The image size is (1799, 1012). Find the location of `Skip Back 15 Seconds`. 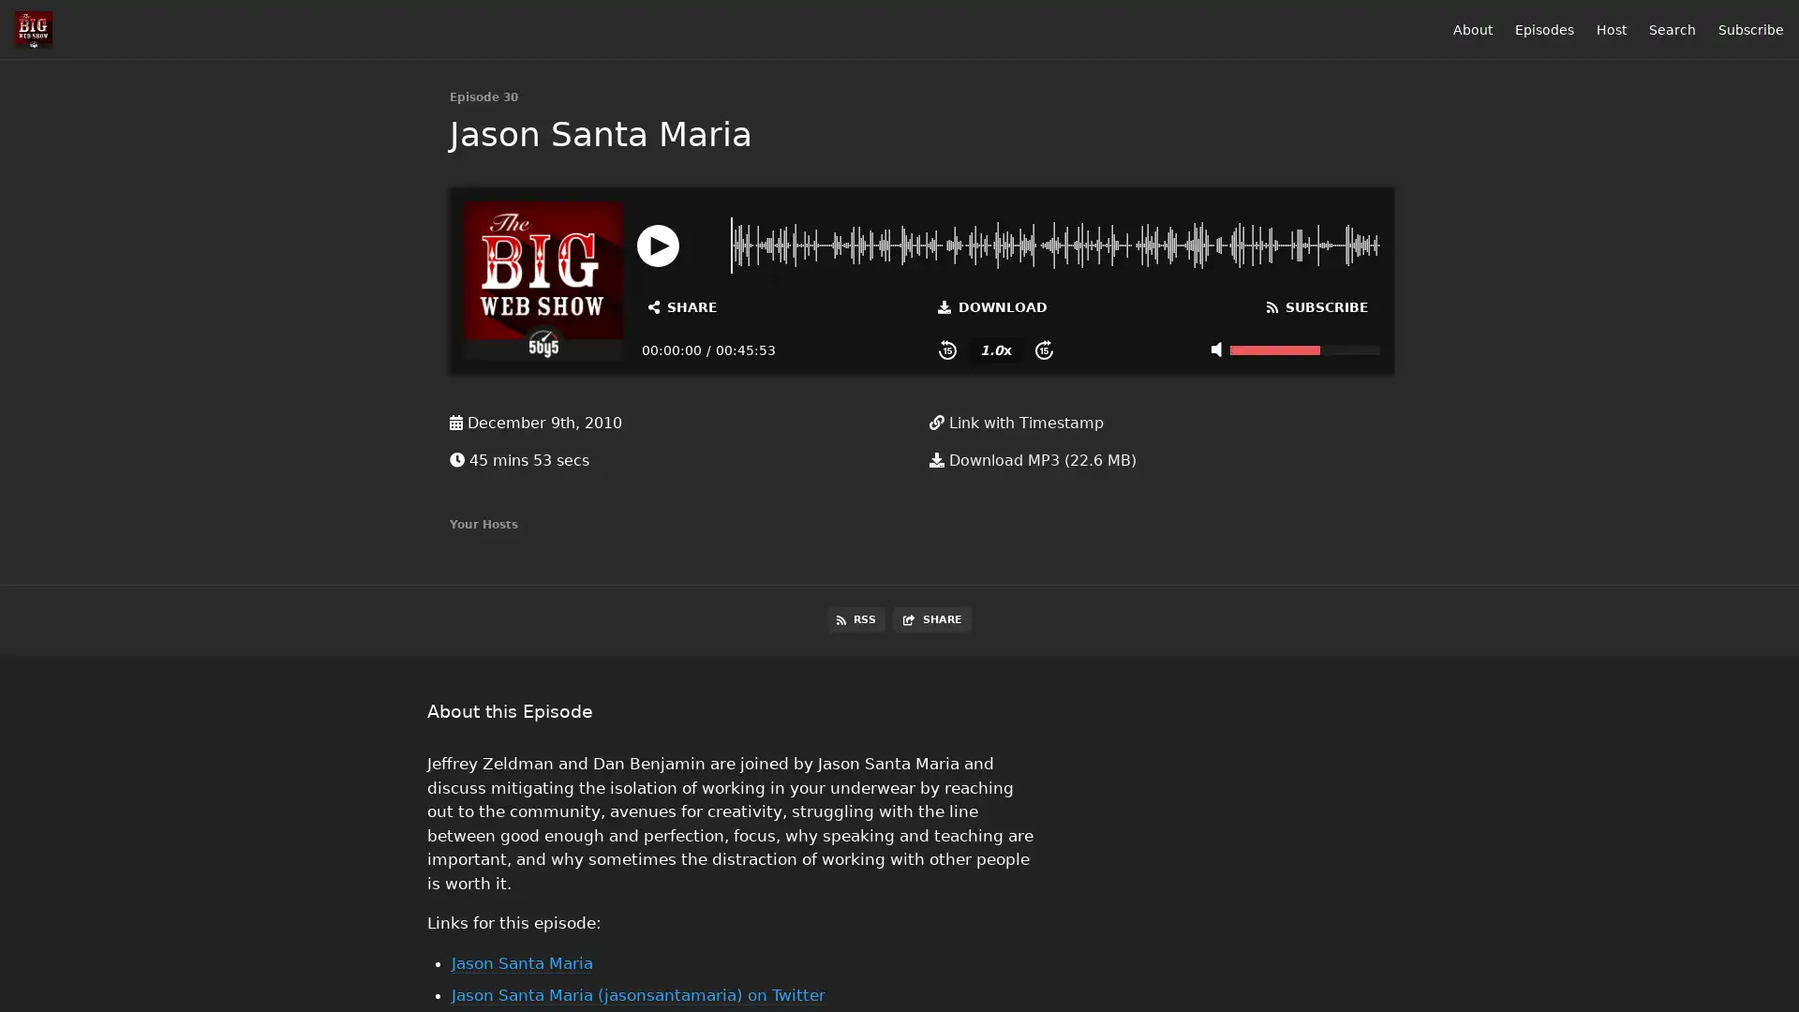

Skip Back 15 Seconds is located at coordinates (947, 350).